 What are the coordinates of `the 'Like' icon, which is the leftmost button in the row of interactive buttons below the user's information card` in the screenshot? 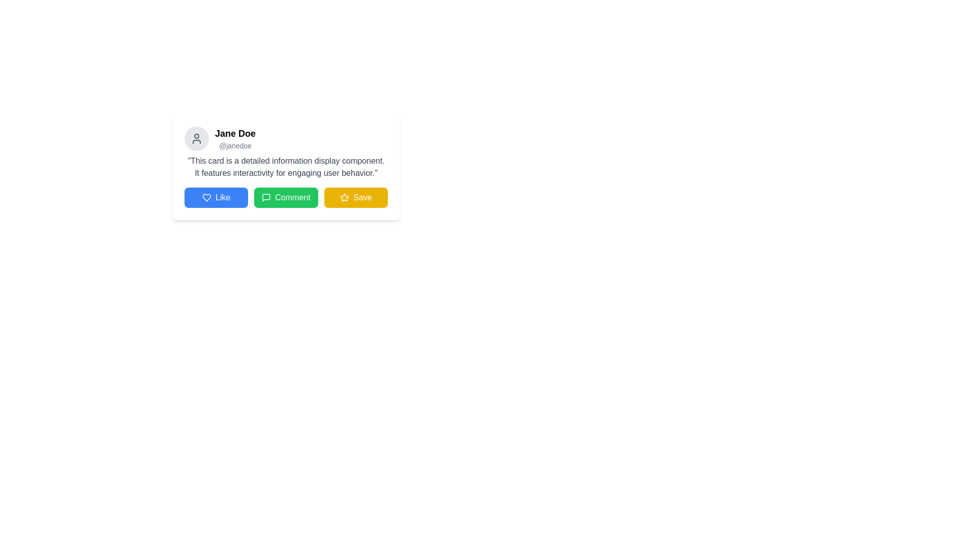 It's located at (206, 198).